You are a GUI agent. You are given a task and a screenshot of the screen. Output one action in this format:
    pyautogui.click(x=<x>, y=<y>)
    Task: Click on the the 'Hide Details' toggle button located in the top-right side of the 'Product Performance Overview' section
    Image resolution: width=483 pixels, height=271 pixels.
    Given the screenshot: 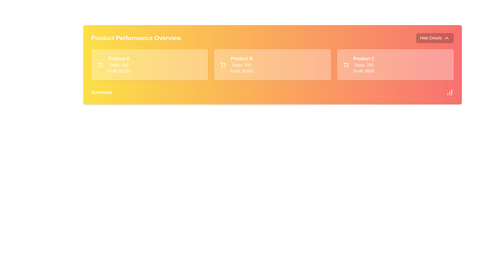 What is the action you would take?
    pyautogui.click(x=434, y=38)
    